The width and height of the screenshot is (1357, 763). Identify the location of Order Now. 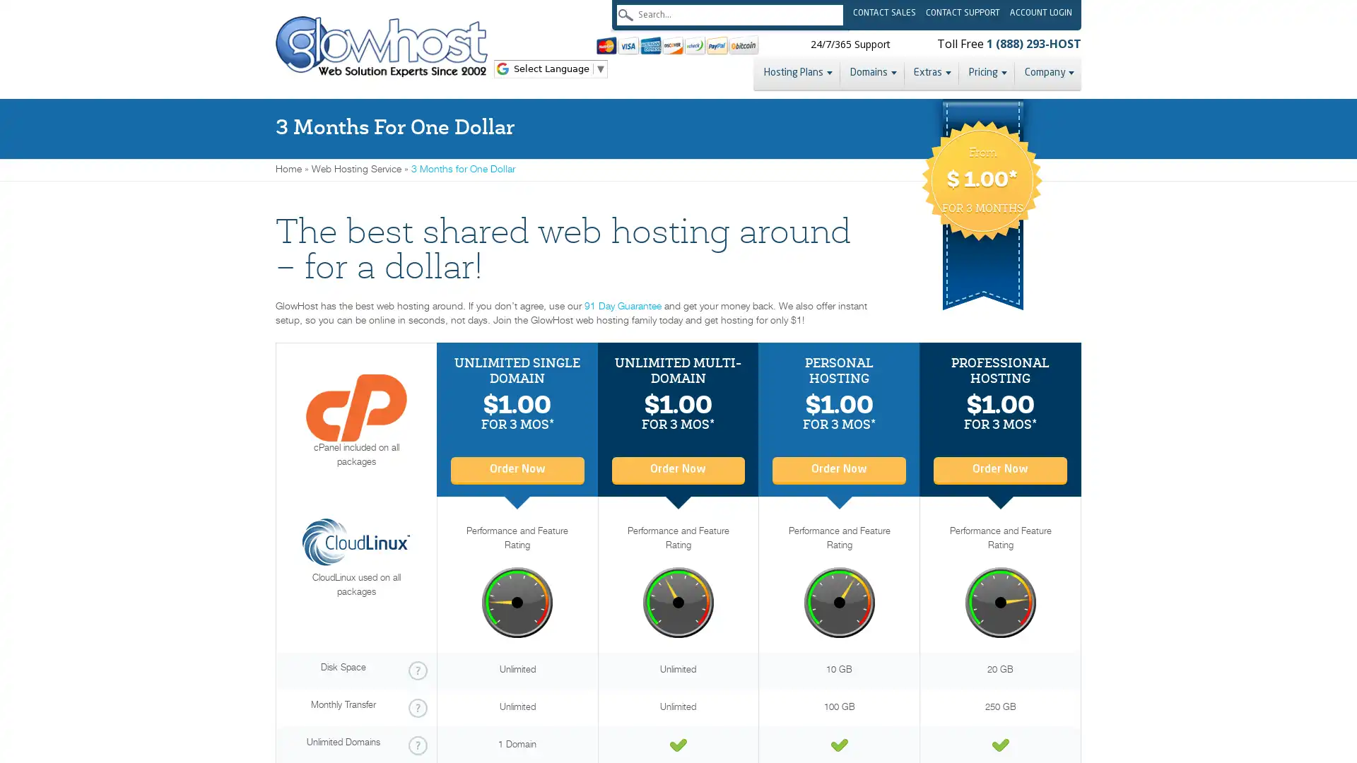
(839, 468).